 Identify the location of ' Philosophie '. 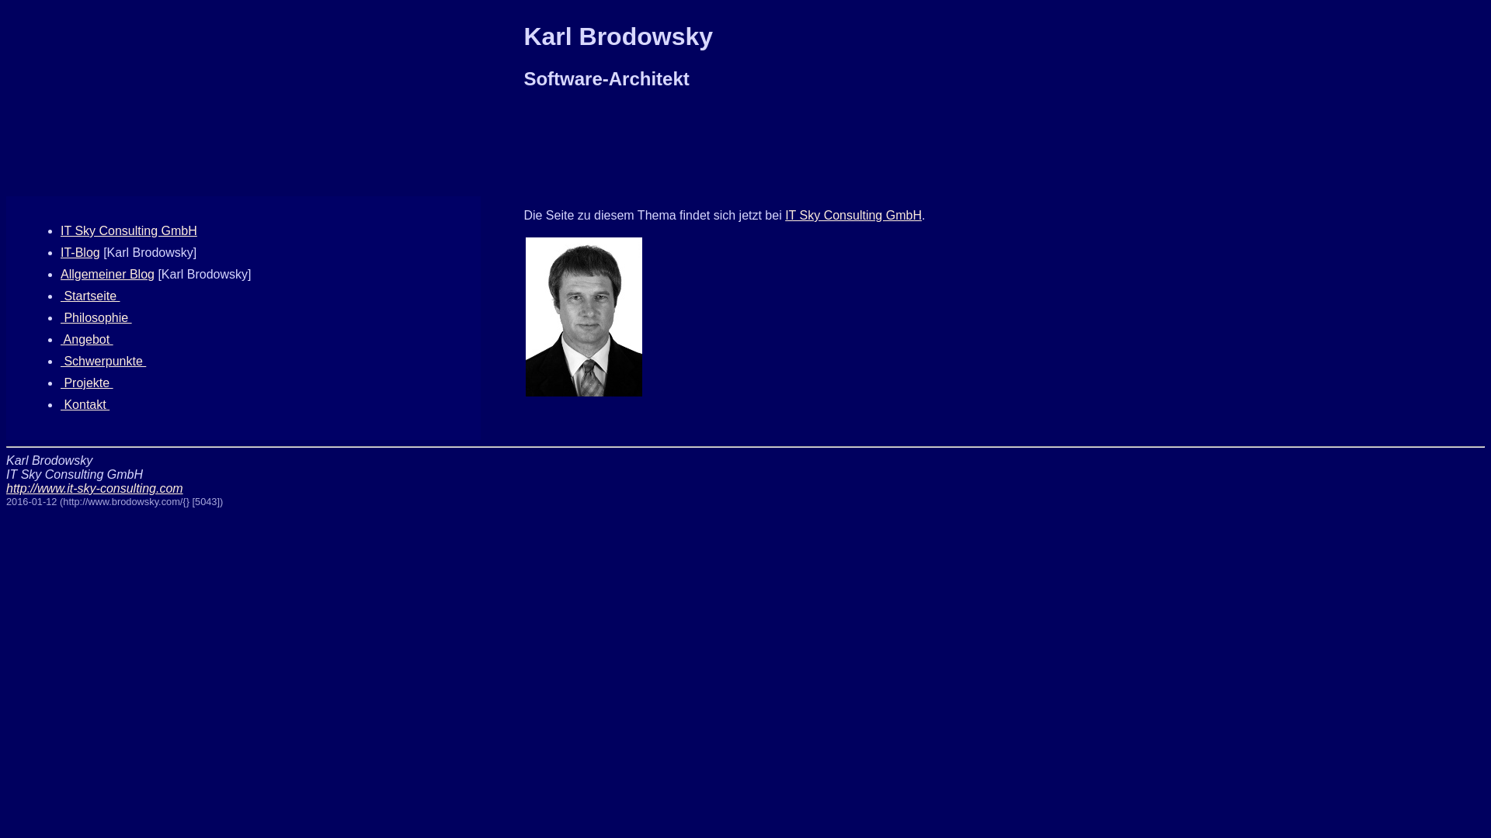
(96, 317).